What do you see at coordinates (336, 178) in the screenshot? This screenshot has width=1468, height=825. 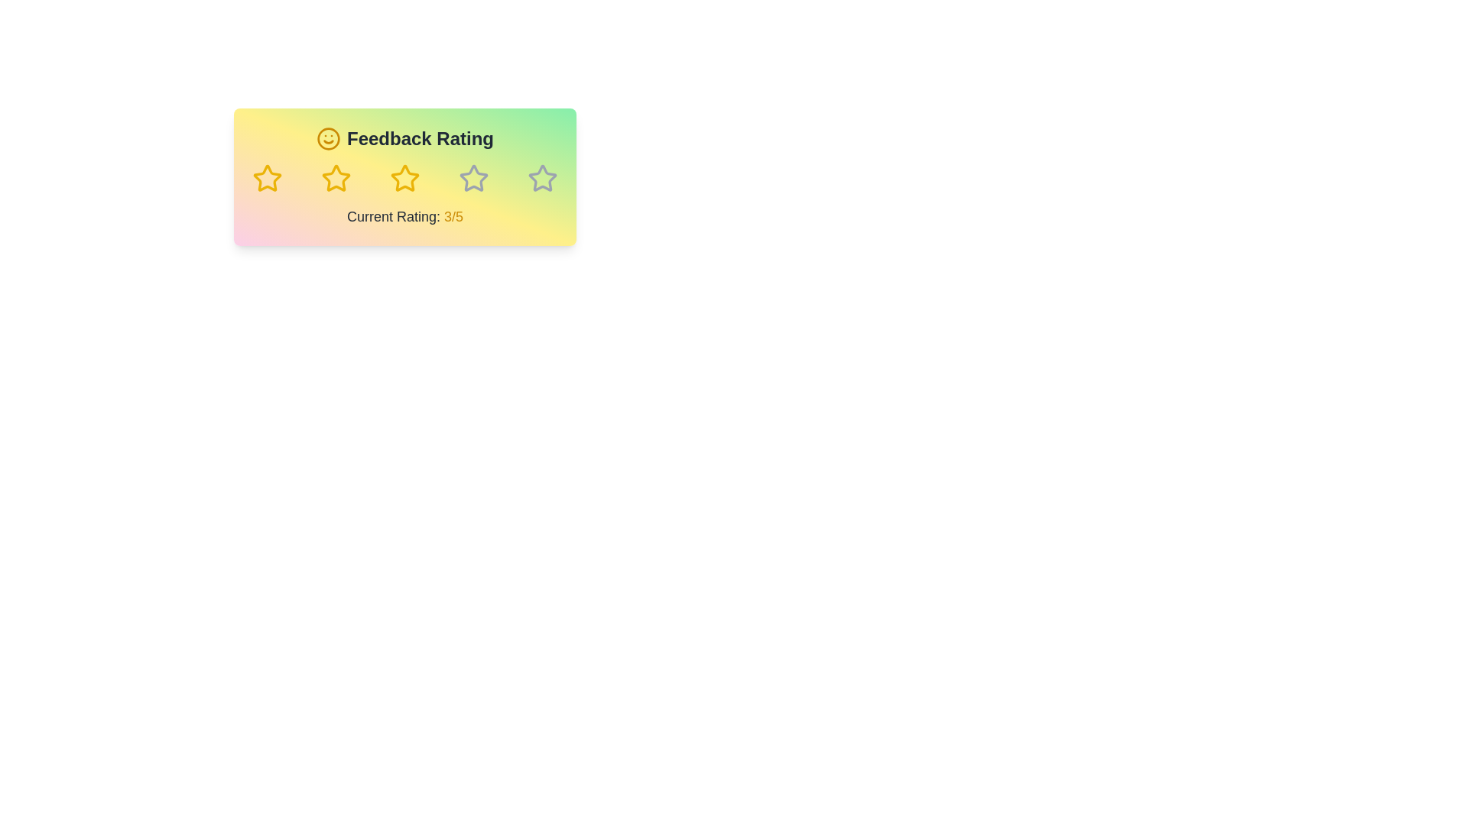 I see `the feedback rating to 2 stars by clicking on the corresponding star` at bounding box center [336, 178].